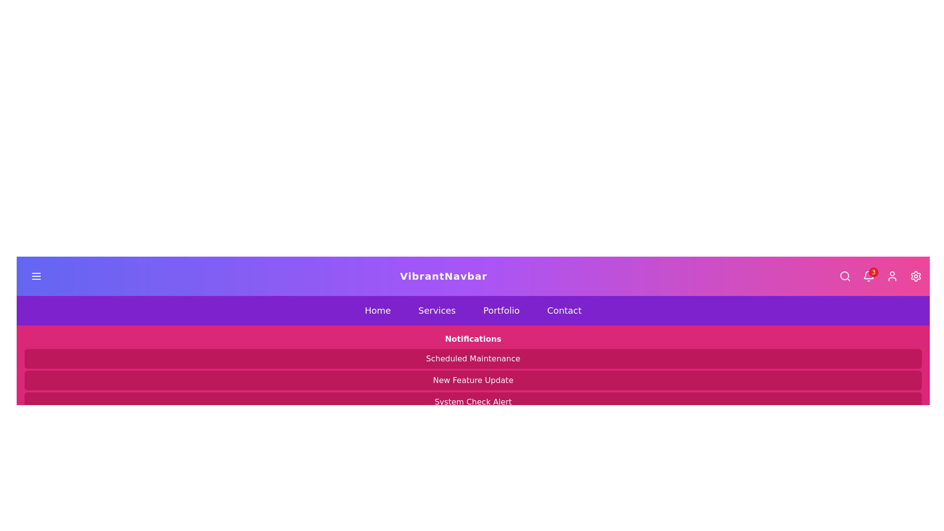  What do you see at coordinates (844, 275) in the screenshot?
I see `the decorative circular component enhancing the search icon in the top-right corner of the navbar` at bounding box center [844, 275].